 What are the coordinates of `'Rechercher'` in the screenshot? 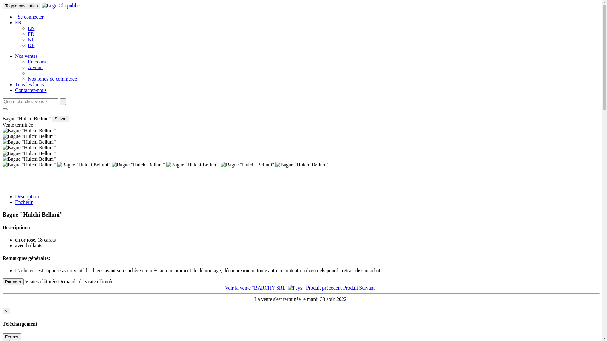 It's located at (63, 101).